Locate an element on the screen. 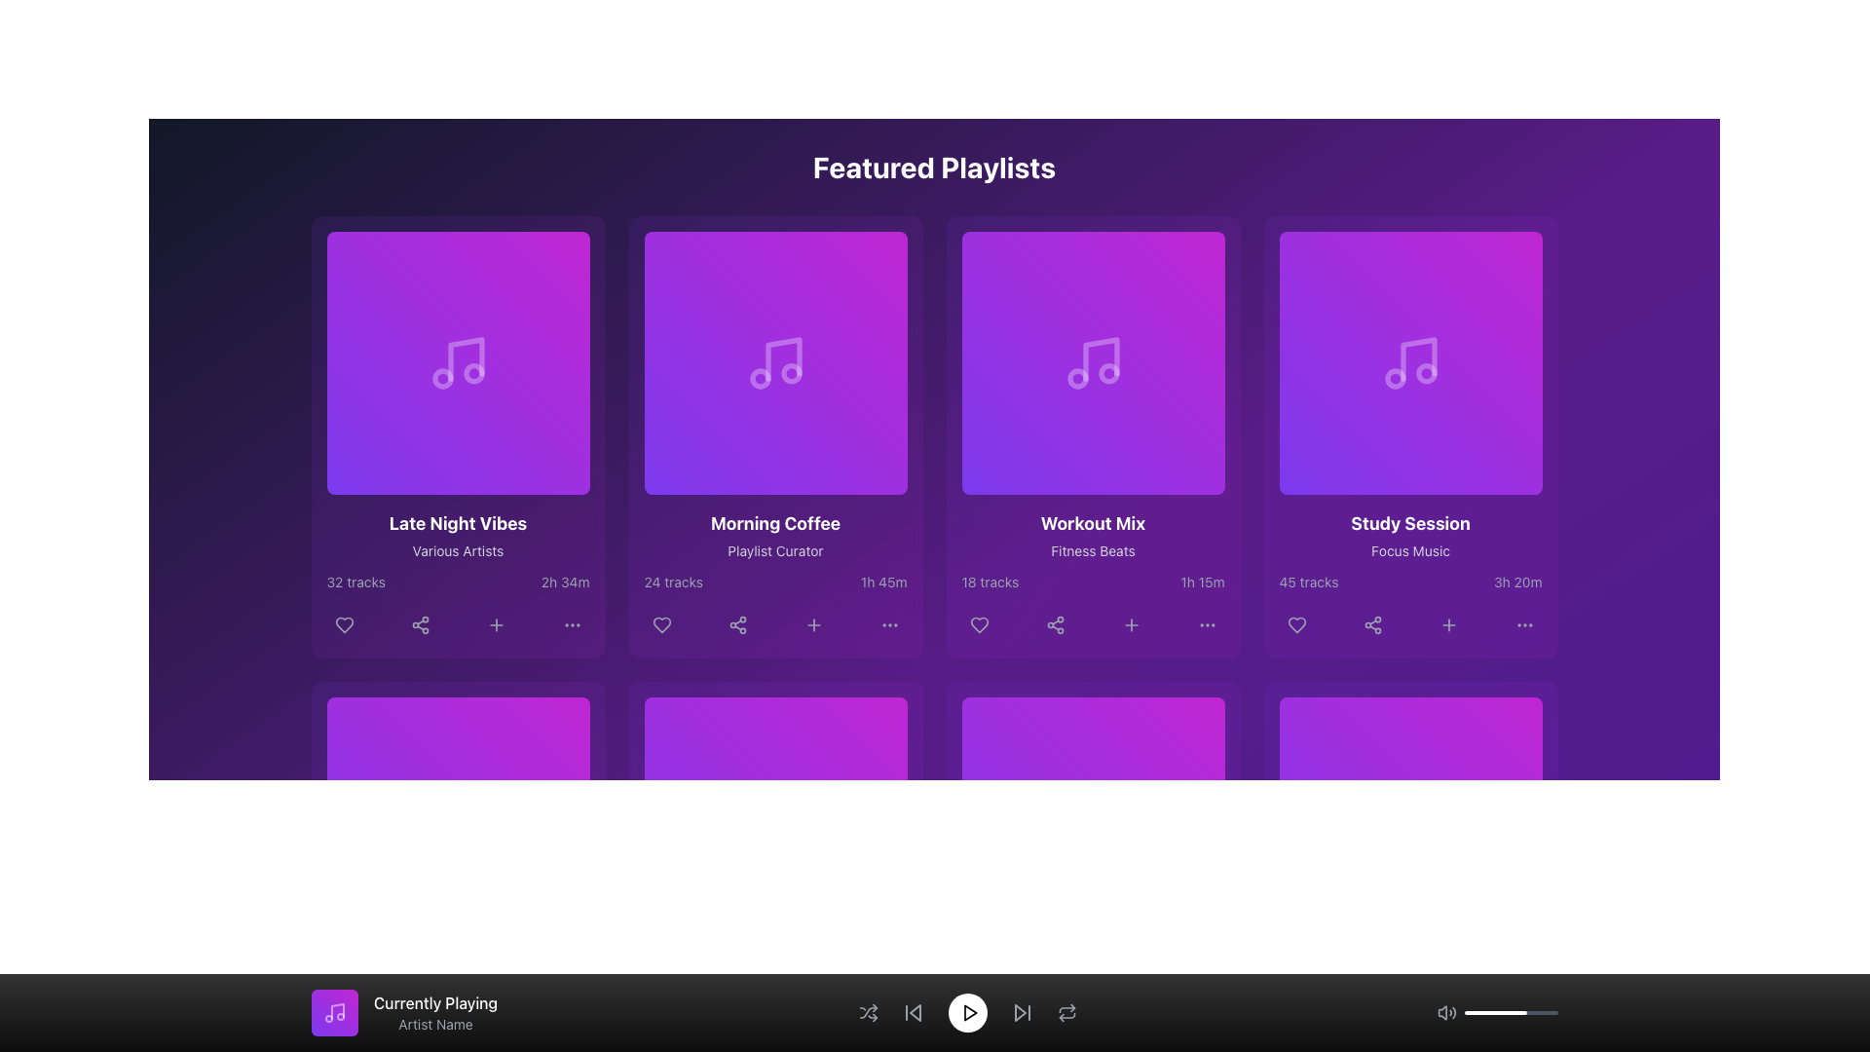 The image size is (1870, 1052). the text and icon display component is located at coordinates (403, 1012).